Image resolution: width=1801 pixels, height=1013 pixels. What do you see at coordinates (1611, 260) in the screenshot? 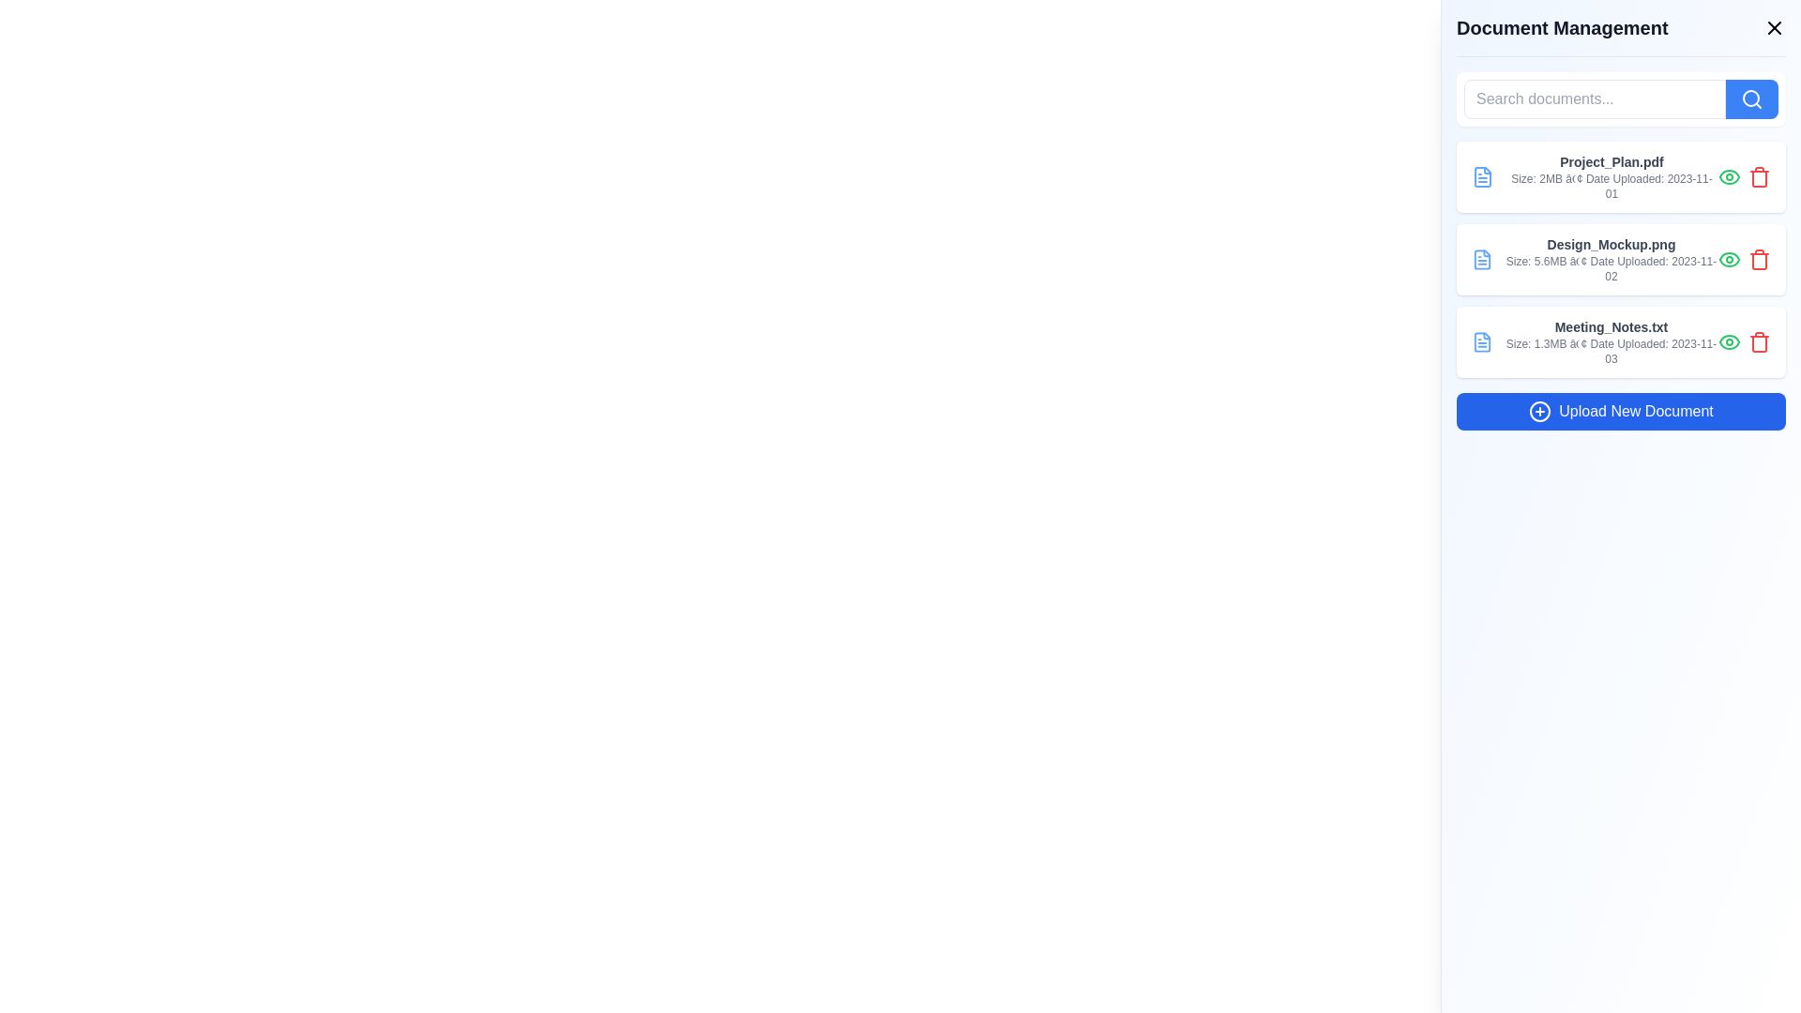
I see `the Text label displaying 'Design_Mockup.png' with file details in the Document Management panel` at bounding box center [1611, 260].